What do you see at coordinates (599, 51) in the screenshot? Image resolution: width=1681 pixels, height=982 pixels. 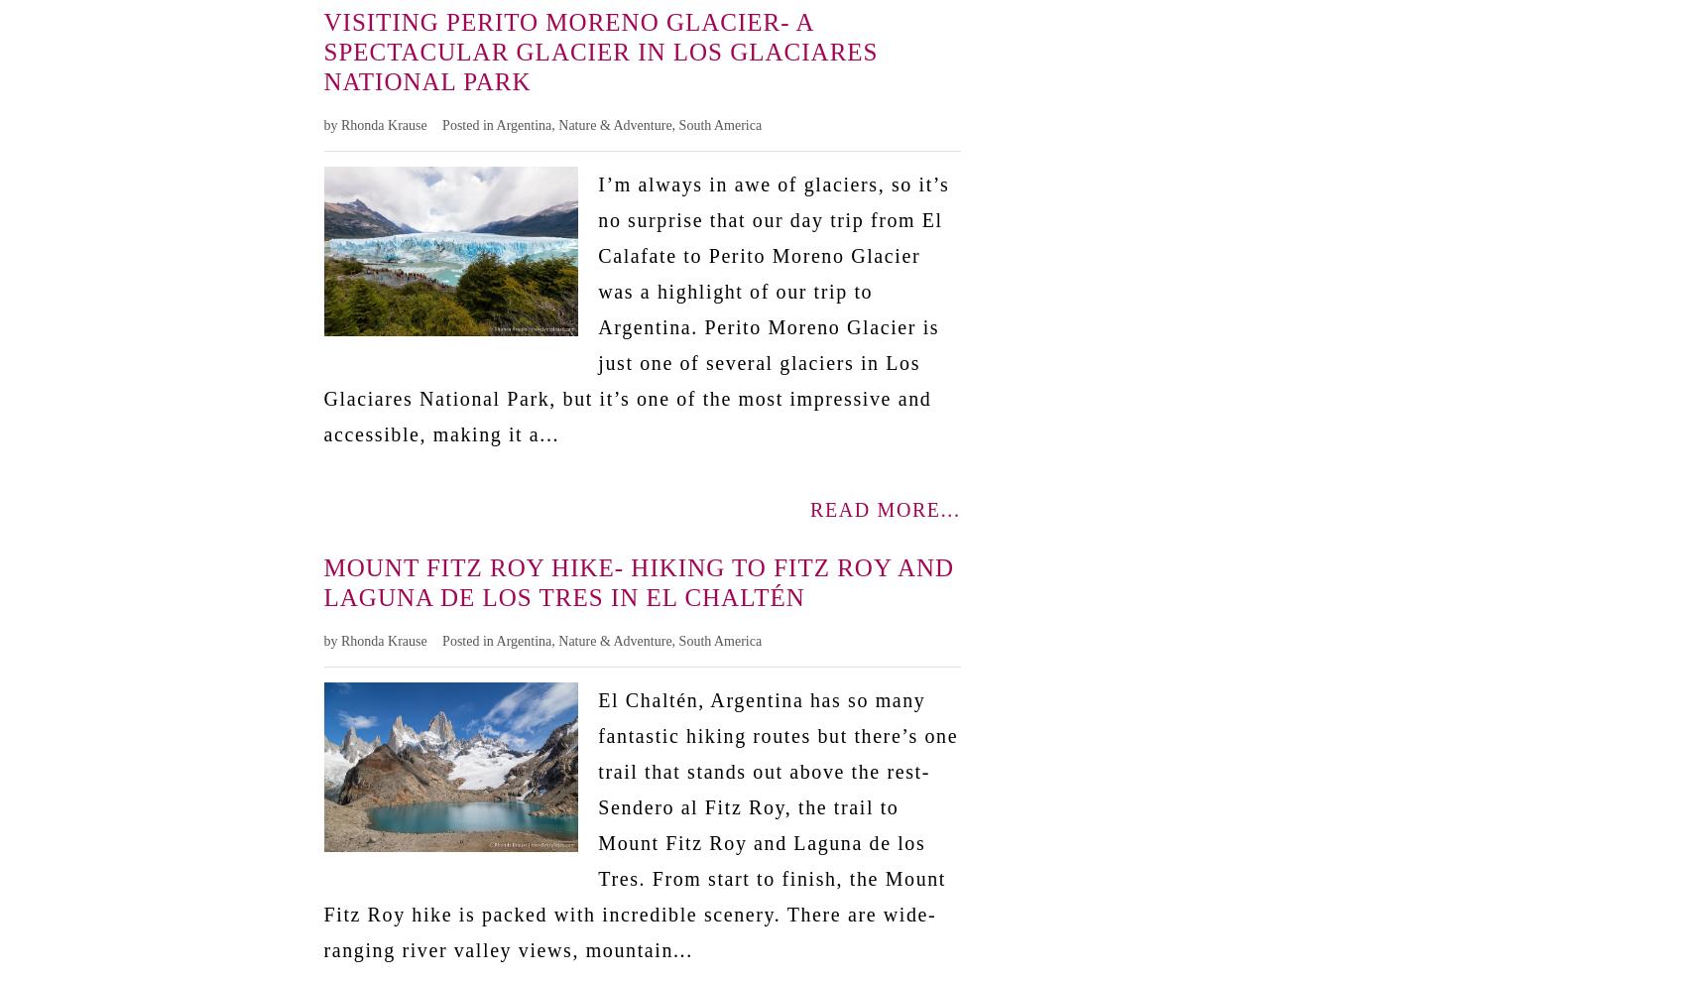 I see `'Visiting Perito Moreno Glacier- A Spectacular Glacier in Los Glaciares National Park'` at bounding box center [599, 51].